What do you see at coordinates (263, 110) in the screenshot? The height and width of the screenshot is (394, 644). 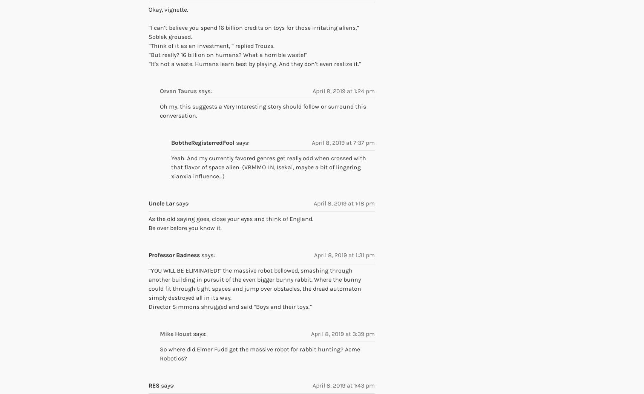 I see `'Oh my, this suggests a Very Interesting story should follow or surround this conversation.'` at bounding box center [263, 110].